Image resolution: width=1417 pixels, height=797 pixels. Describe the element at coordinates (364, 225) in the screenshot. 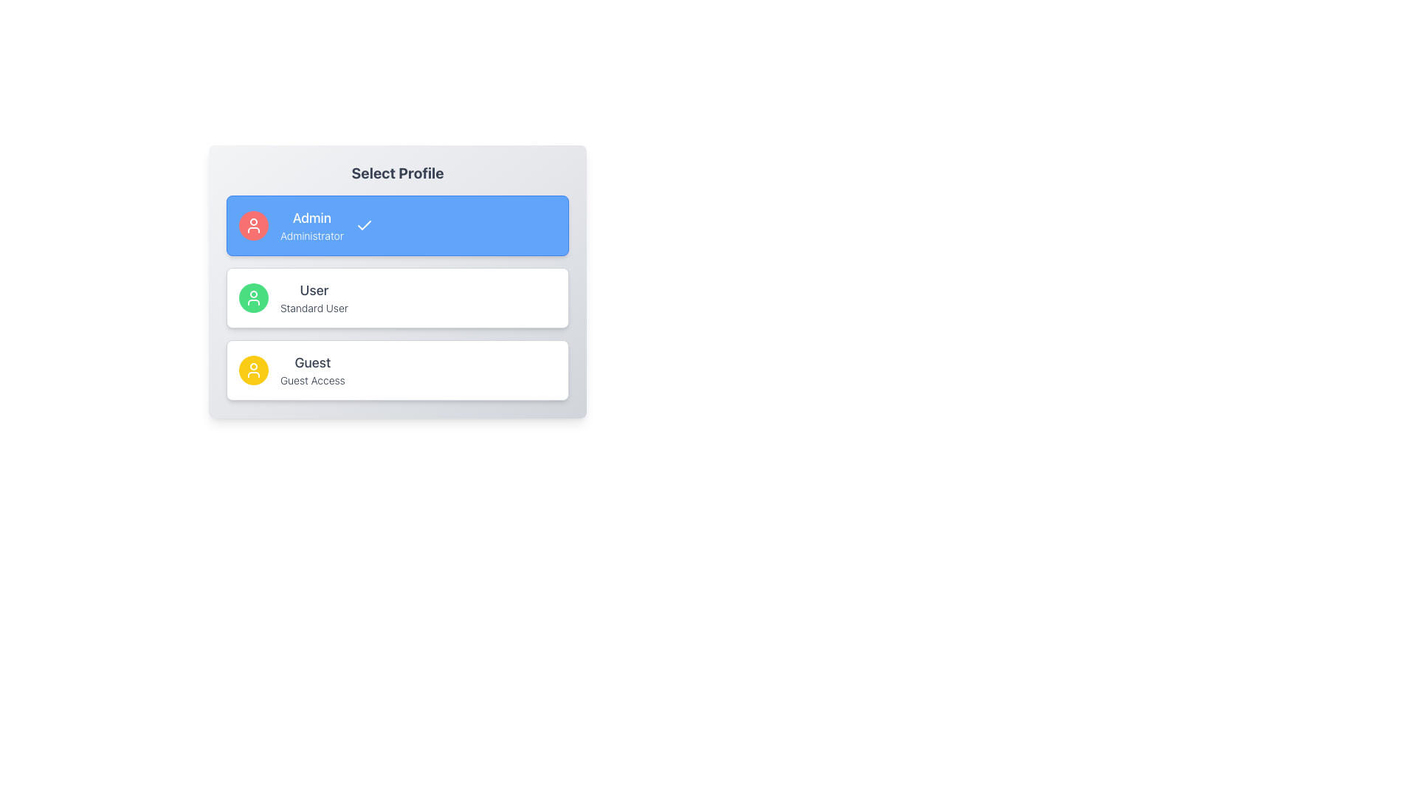

I see `the checkmark icon located within the selection representing the 'Admin' profile, which is positioned towards the right side of the blue background of the 'Admin' option` at that location.